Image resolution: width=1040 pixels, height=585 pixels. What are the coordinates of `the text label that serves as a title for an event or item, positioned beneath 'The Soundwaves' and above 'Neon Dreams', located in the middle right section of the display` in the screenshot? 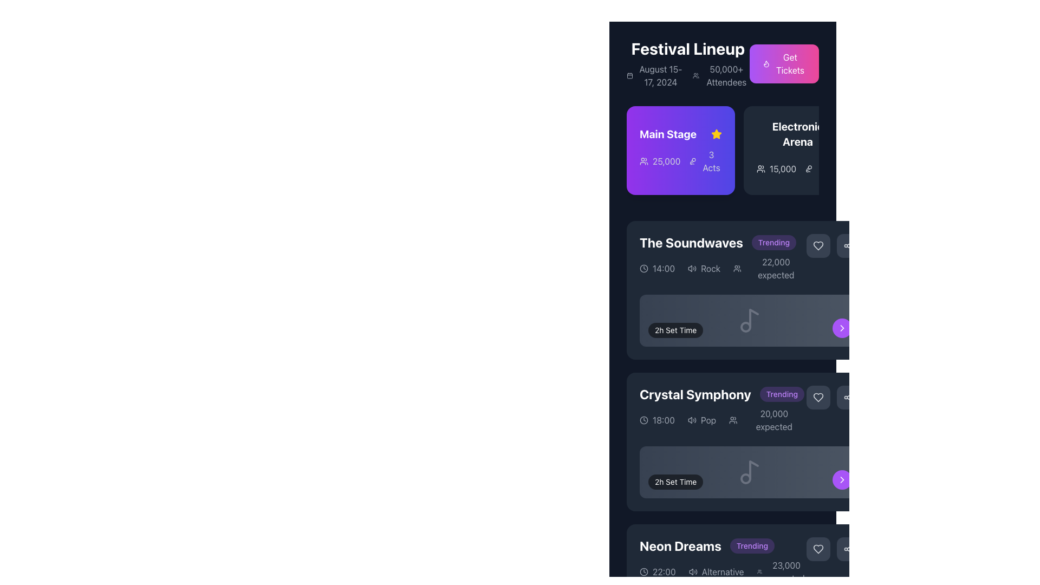 It's located at (695, 394).